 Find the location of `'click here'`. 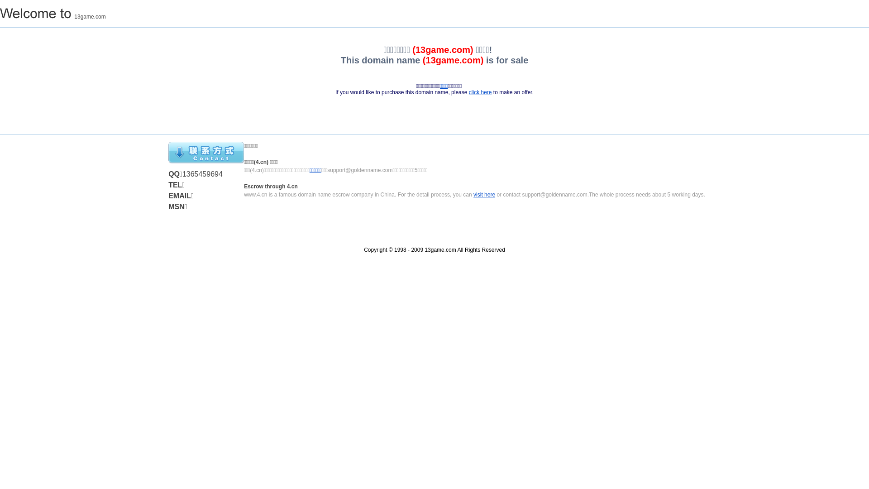

'click here' is located at coordinates (480, 92).